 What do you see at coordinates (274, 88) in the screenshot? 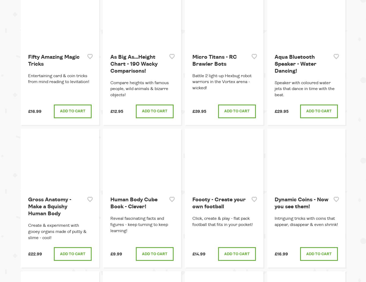
I see `'Speaker with coloured water jets that dance in time with the beat.'` at bounding box center [274, 88].